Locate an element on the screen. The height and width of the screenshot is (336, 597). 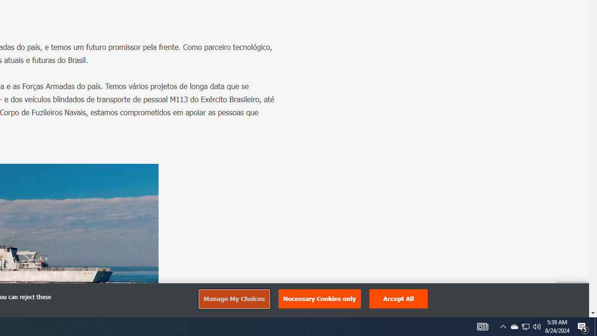
'Necessary Cookies only' is located at coordinates (319, 299).